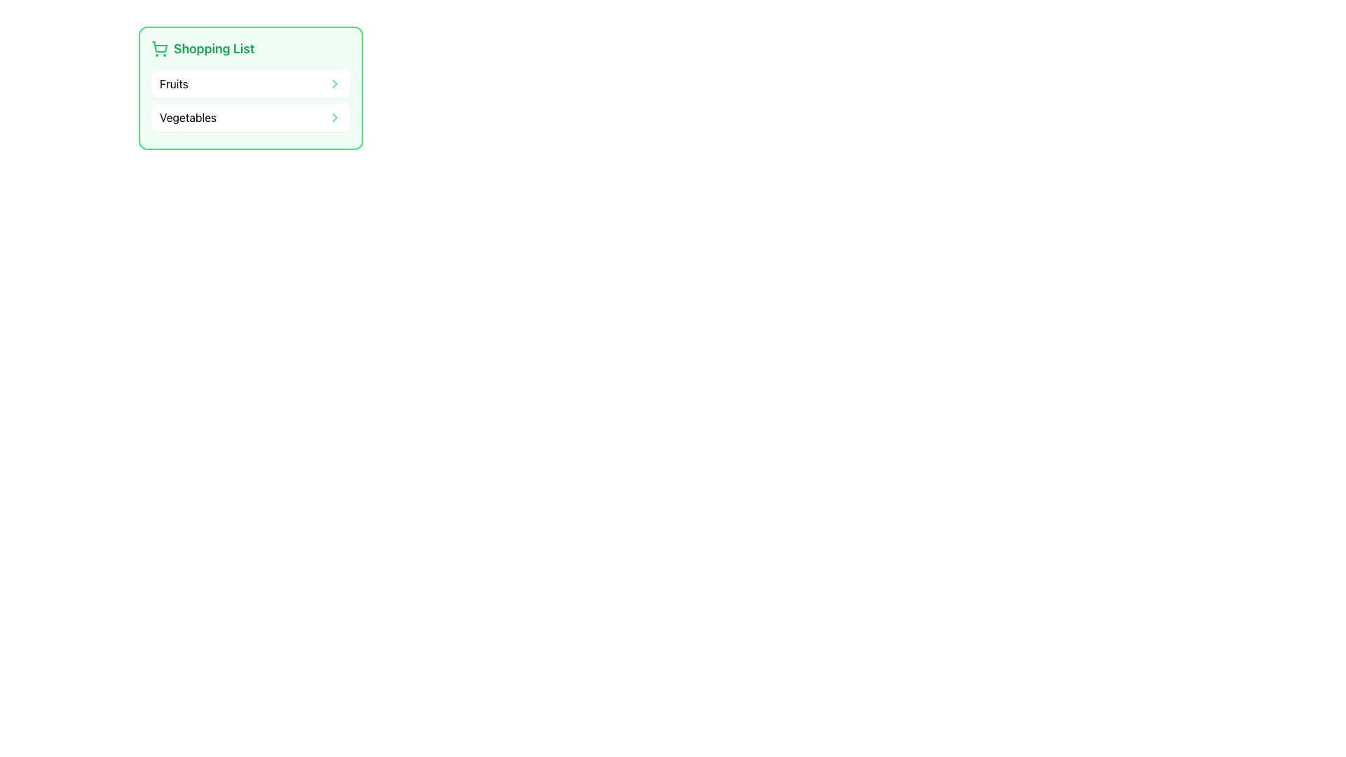 The height and width of the screenshot is (757, 1346). Describe the element at coordinates (334, 83) in the screenshot. I see `the green rightward-pointing chevron arrow icon located in the second row of the shopping list card, next to the text 'Fruits'` at that location.